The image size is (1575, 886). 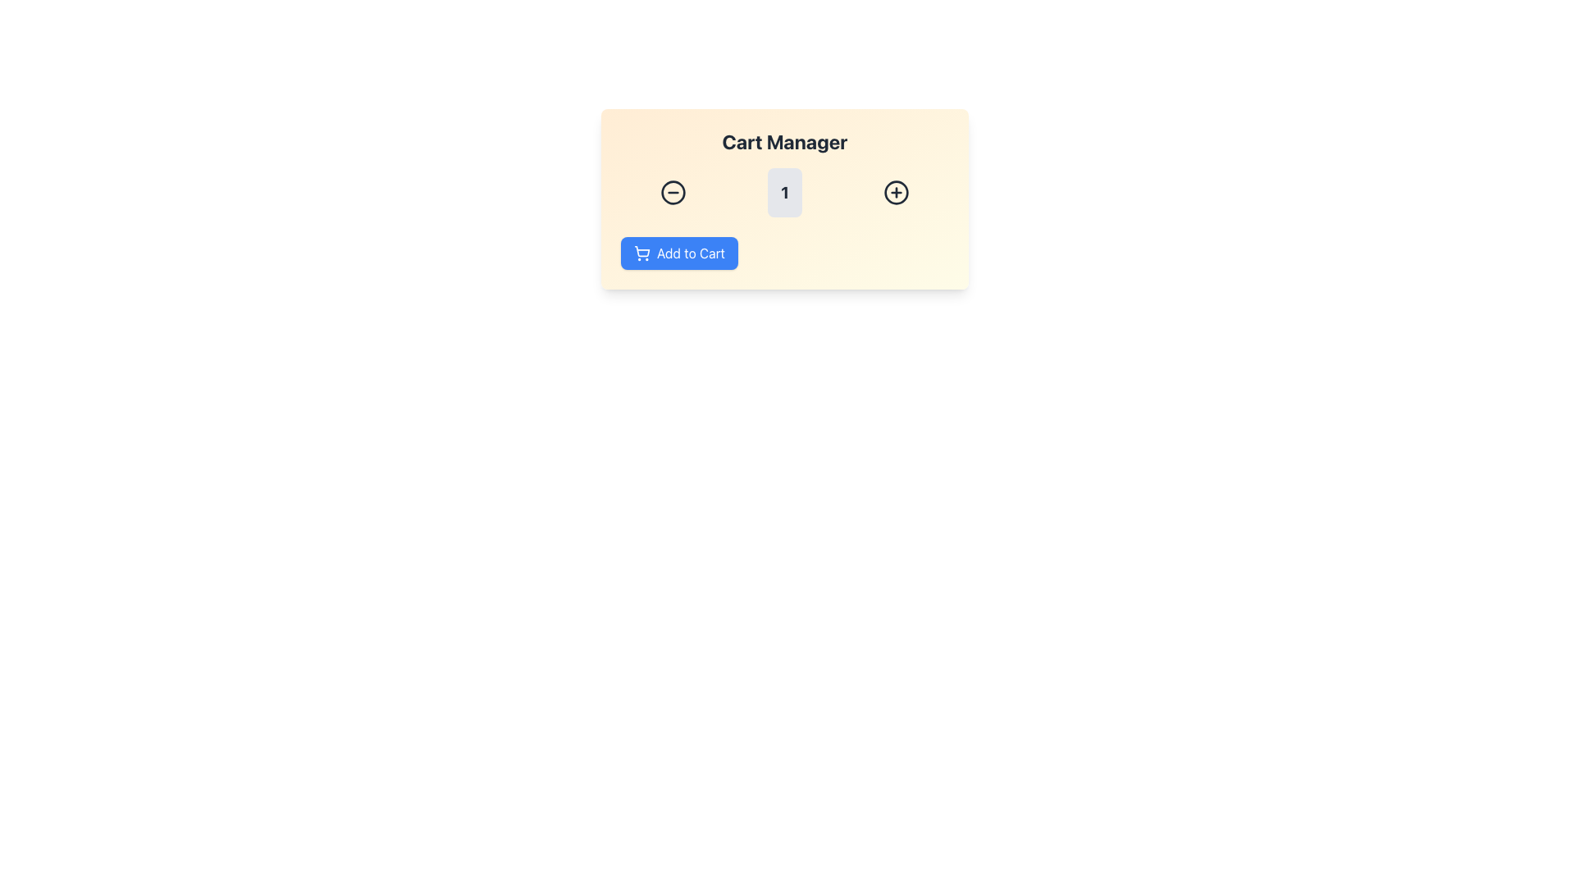 What do you see at coordinates (673, 192) in the screenshot?
I see `the circular minus icon in the Cart Manager interface to trigger the tooltip or highlight effect` at bounding box center [673, 192].